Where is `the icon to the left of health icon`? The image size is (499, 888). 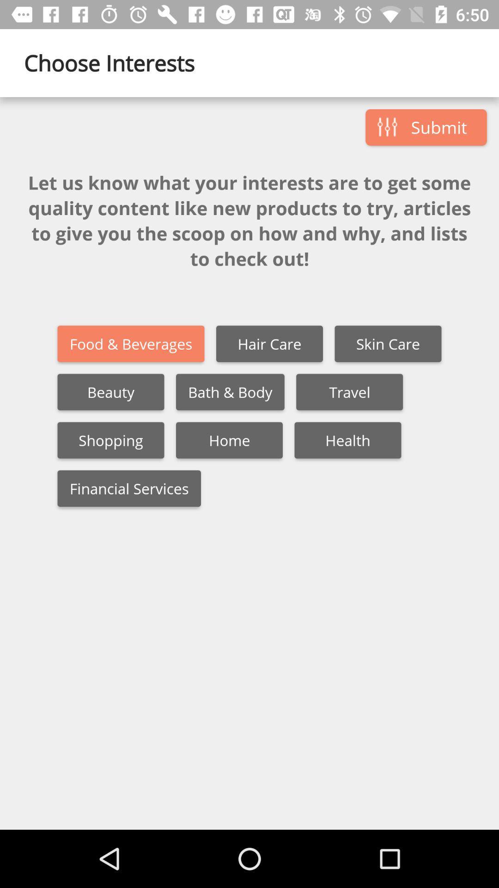
the icon to the left of health icon is located at coordinates (229, 440).